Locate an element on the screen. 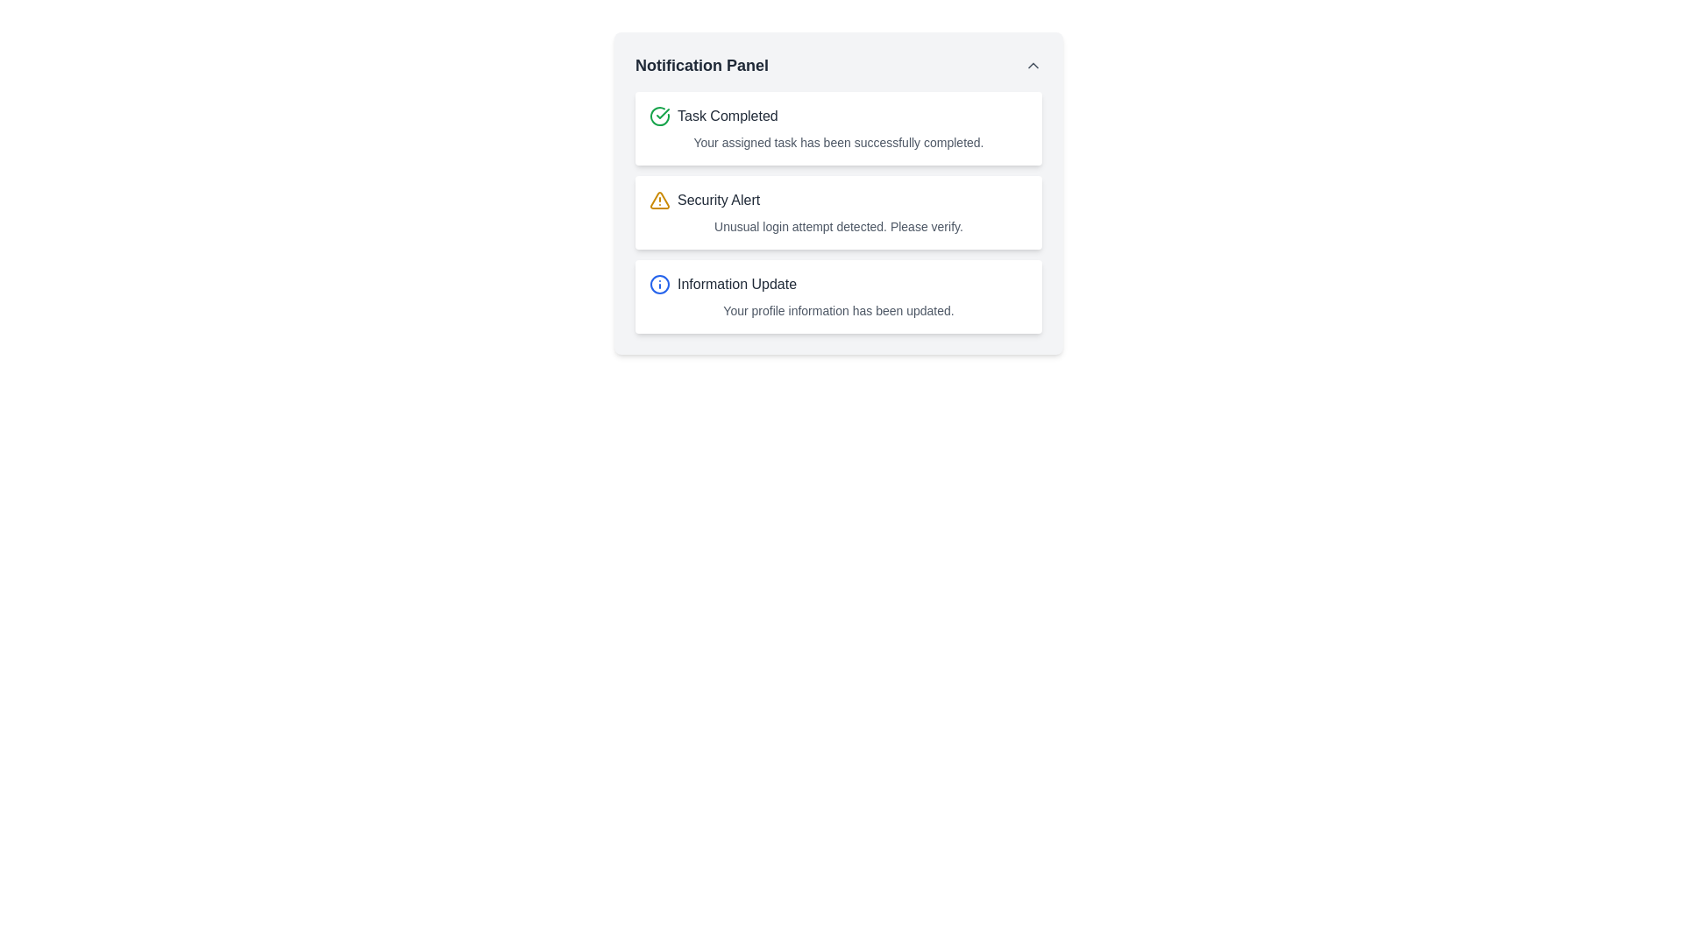  static text label displaying 'Security Alert' in the Notification Panel, which is bold and gray in color, positioned centrally in the second notification item is located at coordinates (719, 199).